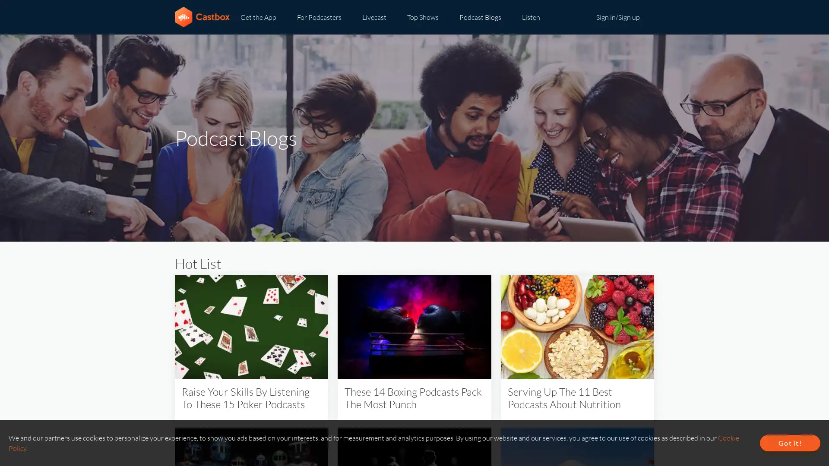 The width and height of the screenshot is (829, 466). What do you see at coordinates (790, 443) in the screenshot?
I see `Got it!` at bounding box center [790, 443].